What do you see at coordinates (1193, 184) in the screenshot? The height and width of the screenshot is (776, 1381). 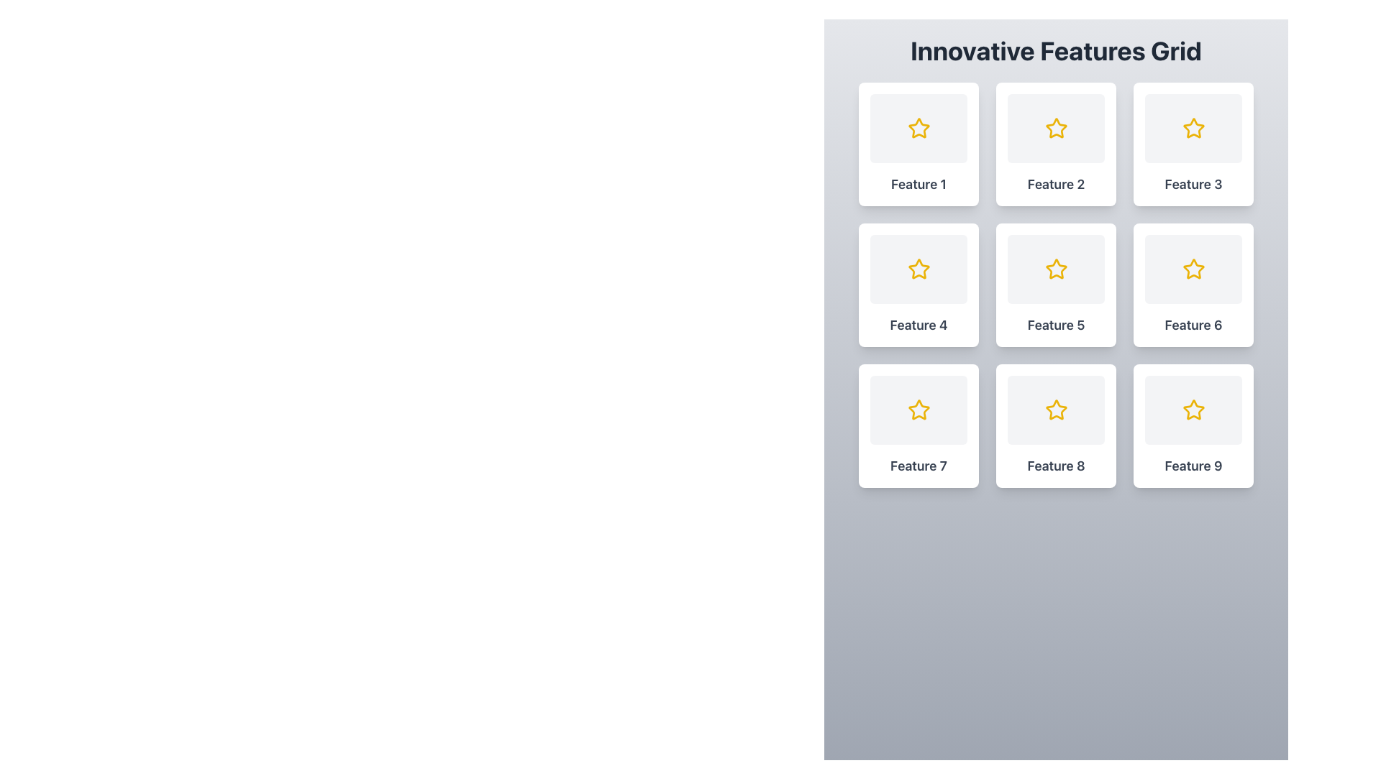 I see `the text label that identifies the feature in the bottom of the third panel located in the top-right corner of the grid layout` at bounding box center [1193, 184].